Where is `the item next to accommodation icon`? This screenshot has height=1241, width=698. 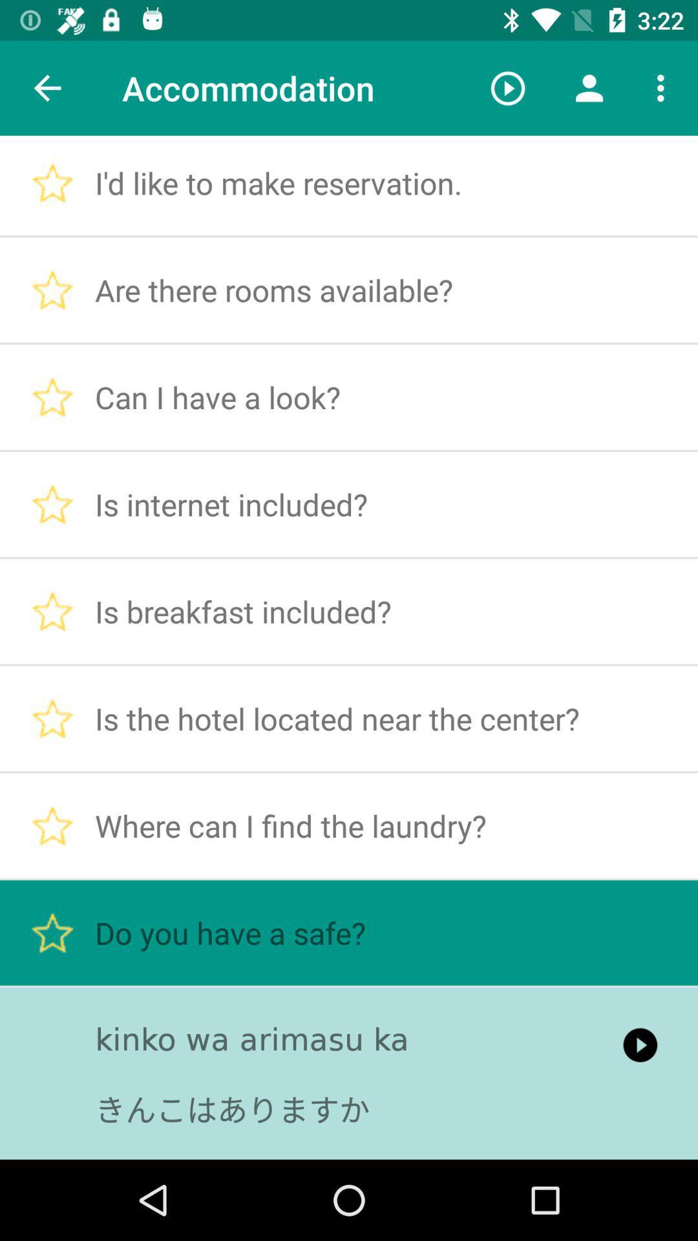
the item next to accommodation icon is located at coordinates (507, 87).